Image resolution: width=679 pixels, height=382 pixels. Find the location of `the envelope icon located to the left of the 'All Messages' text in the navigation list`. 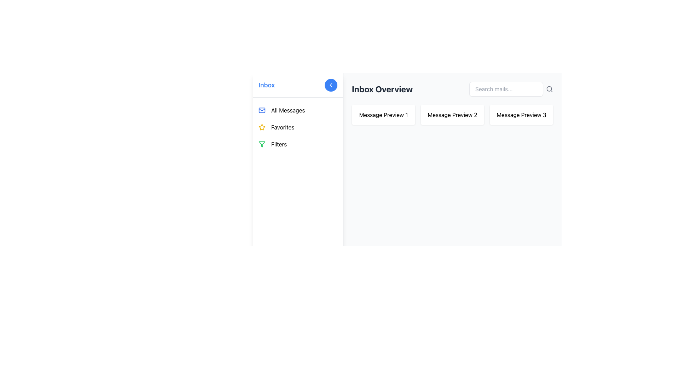

the envelope icon located to the left of the 'All Messages' text in the navigation list is located at coordinates (261, 110).